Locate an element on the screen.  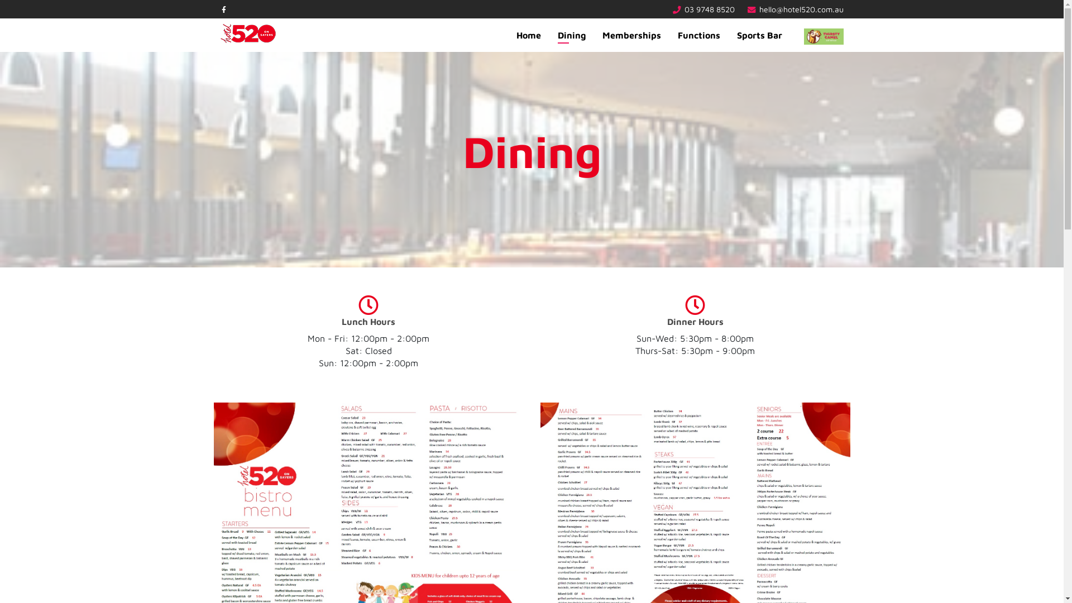
'Home' is located at coordinates (528, 34).